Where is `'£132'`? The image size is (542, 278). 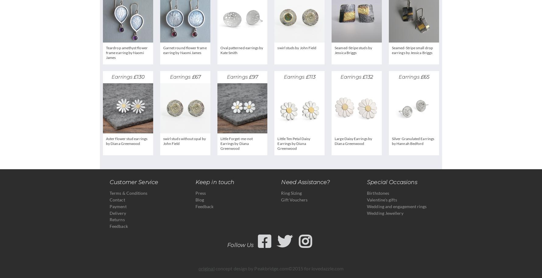 '£132' is located at coordinates (368, 77).